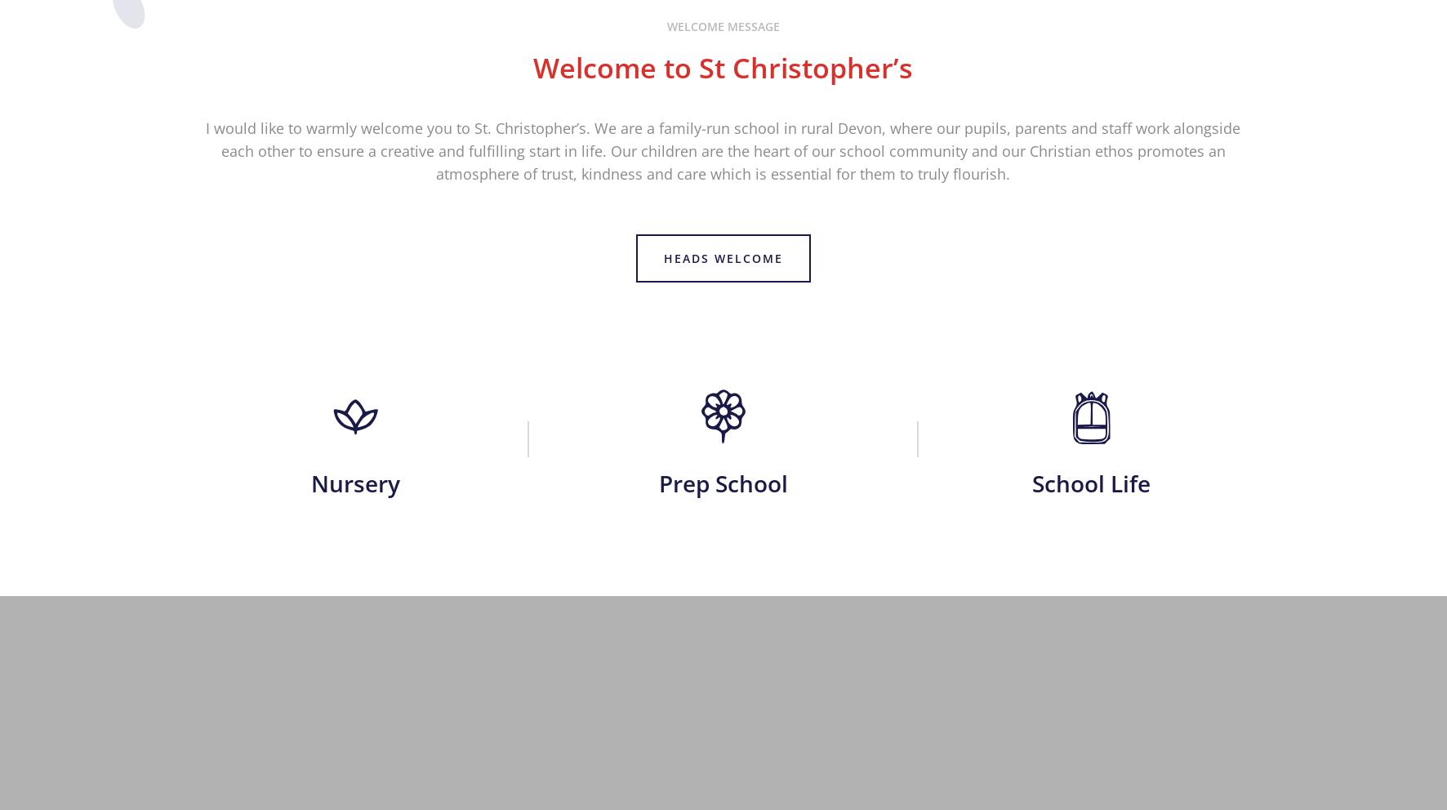 The image size is (1447, 810). I want to click on 'High Visibility', so click(823, 518).